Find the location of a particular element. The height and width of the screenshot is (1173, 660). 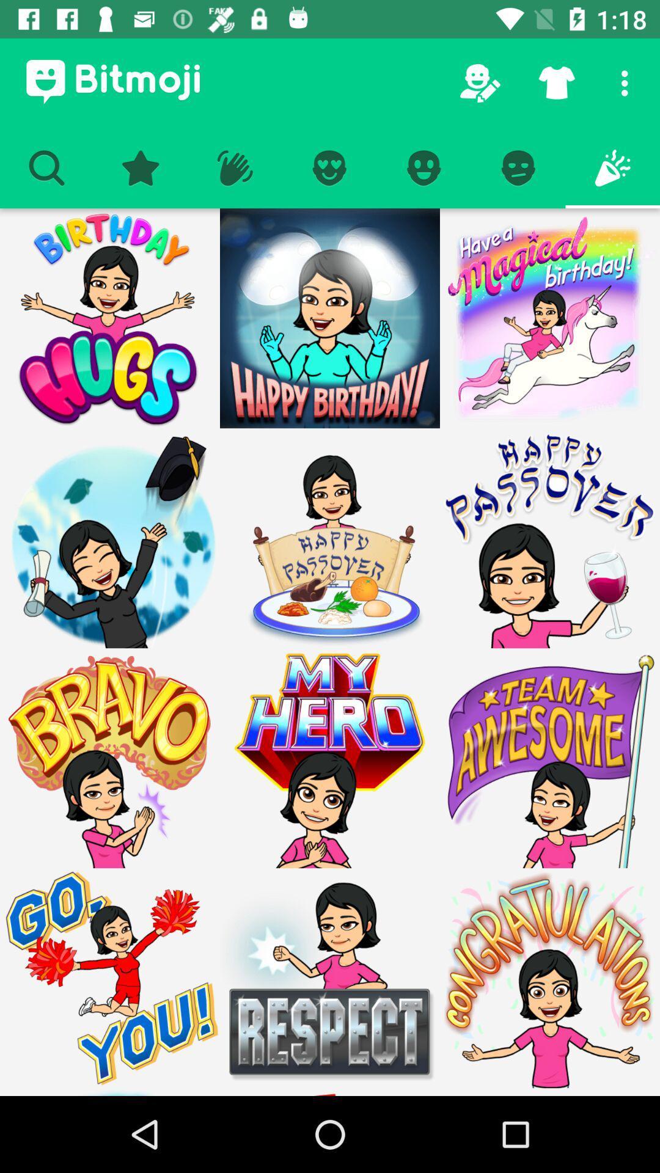

congratulation option is located at coordinates (549, 978).